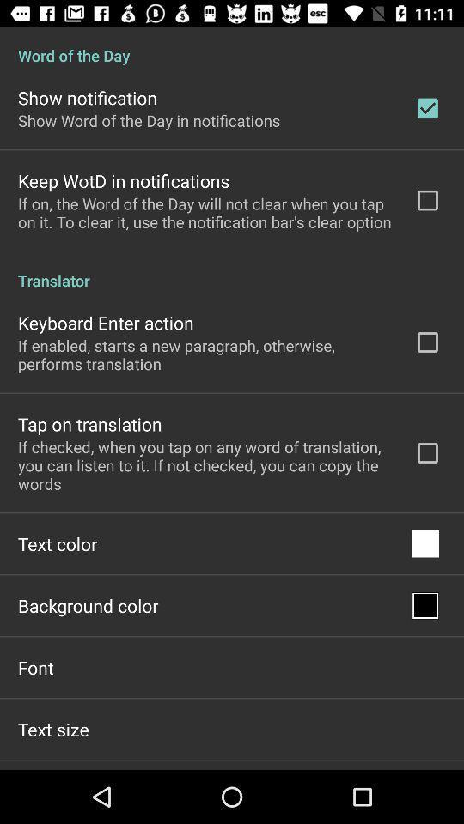 This screenshot has width=464, height=824. I want to click on the show notification, so click(88, 98).